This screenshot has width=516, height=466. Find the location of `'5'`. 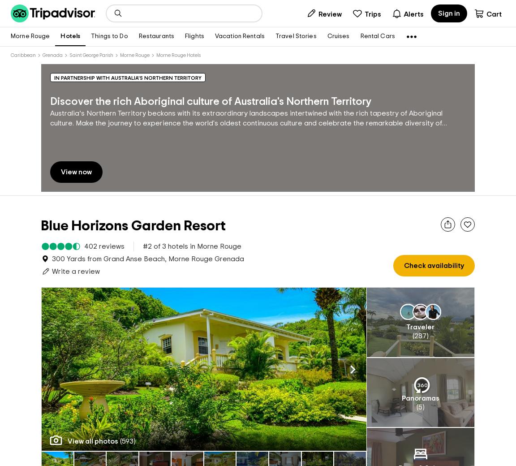

'5' is located at coordinates (419, 406).